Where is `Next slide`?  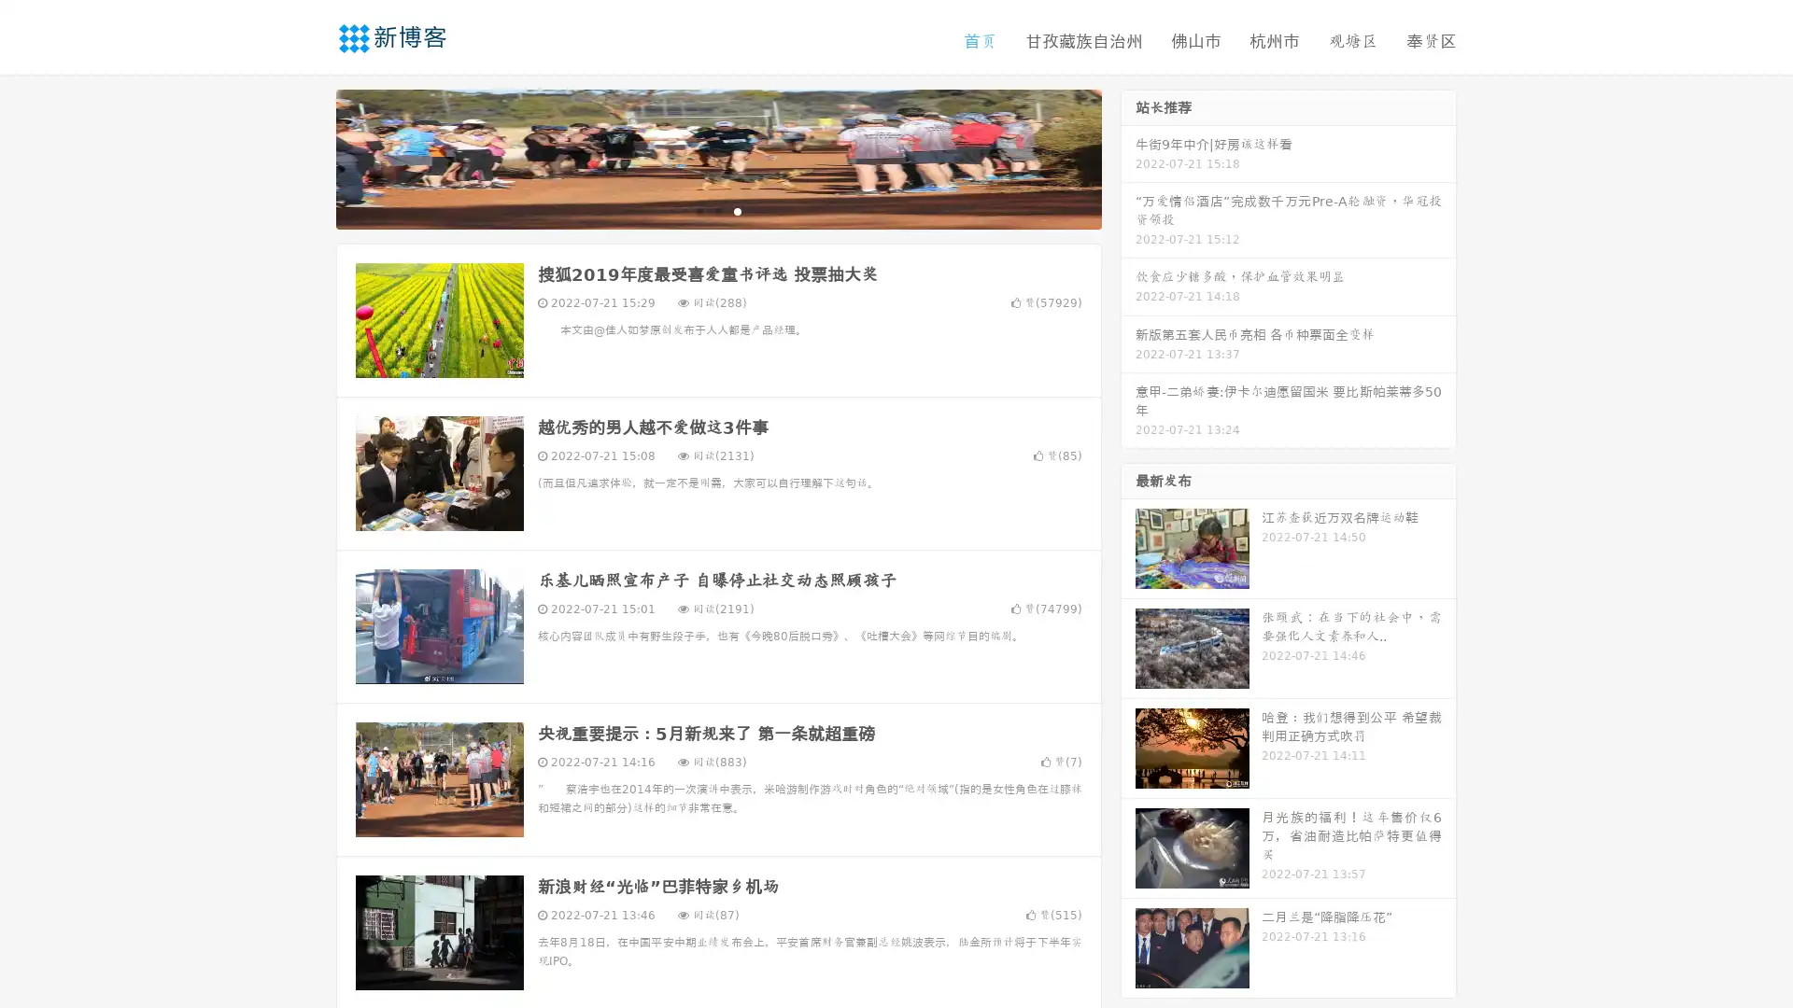
Next slide is located at coordinates (1128, 157).